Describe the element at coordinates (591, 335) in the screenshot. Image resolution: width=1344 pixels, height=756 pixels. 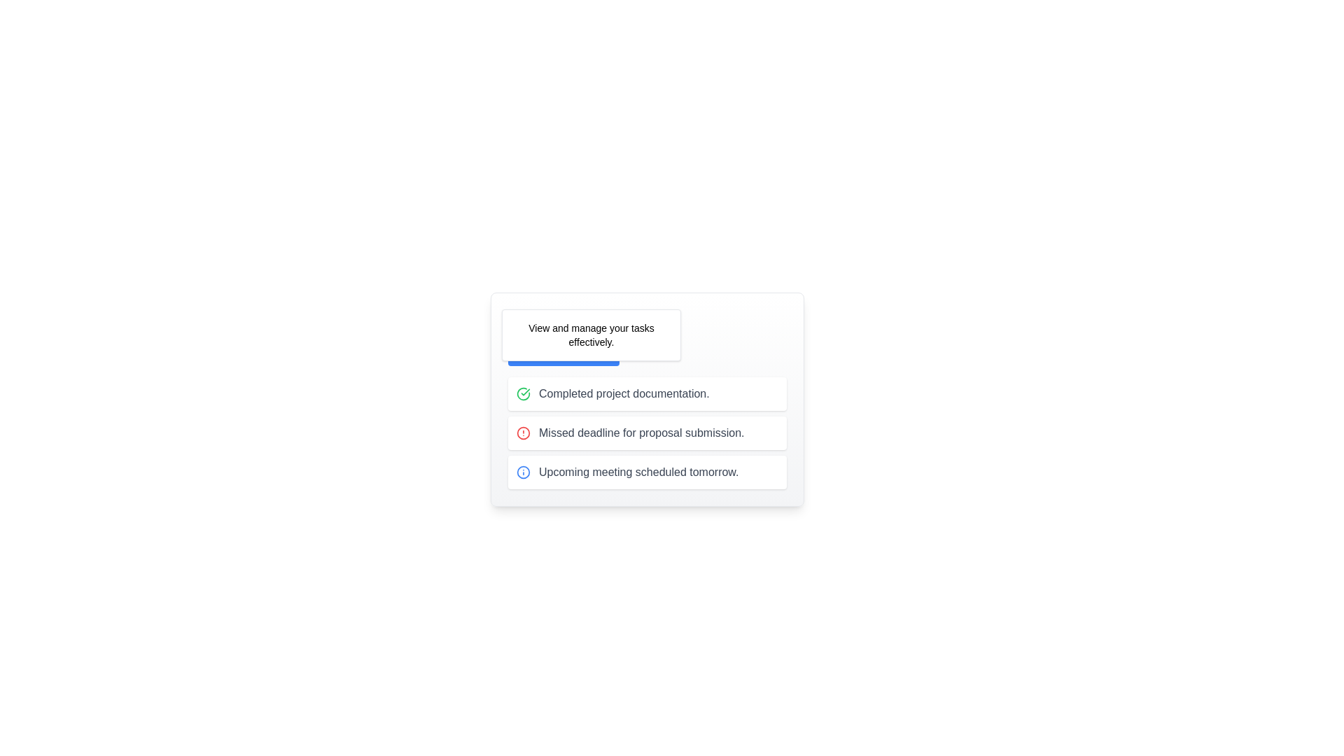
I see `the Information box located below the 'Task Manager' header` at that location.